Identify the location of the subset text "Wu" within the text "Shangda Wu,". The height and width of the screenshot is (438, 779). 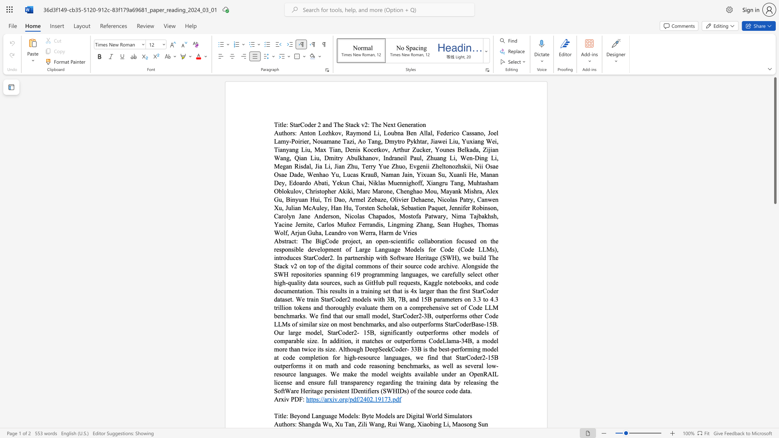
(322, 423).